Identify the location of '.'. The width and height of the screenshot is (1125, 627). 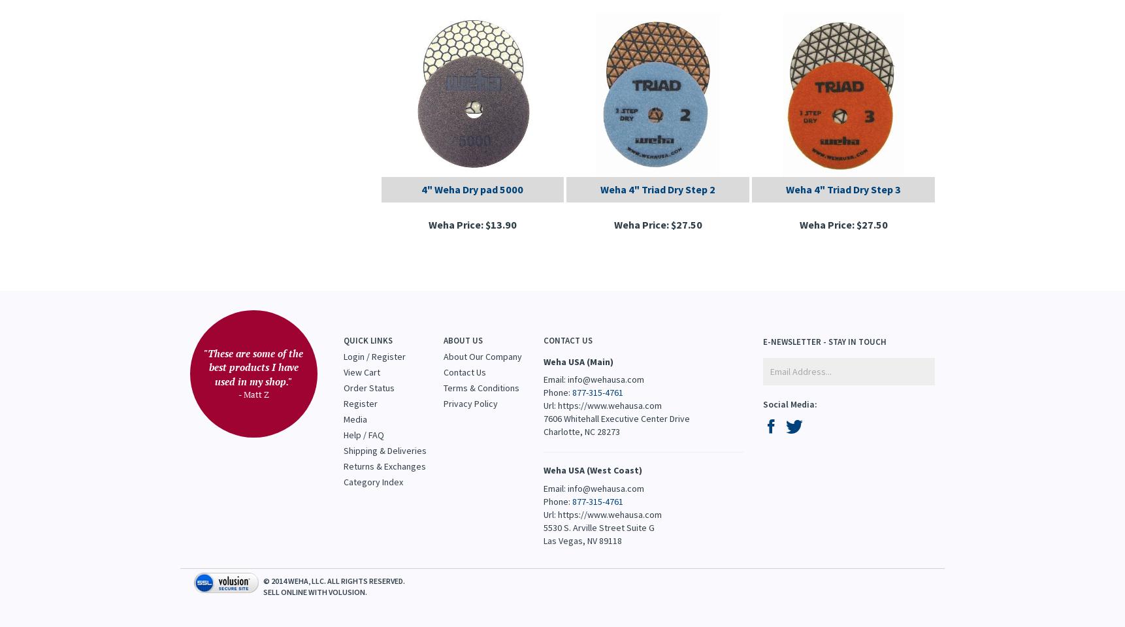
(365, 591).